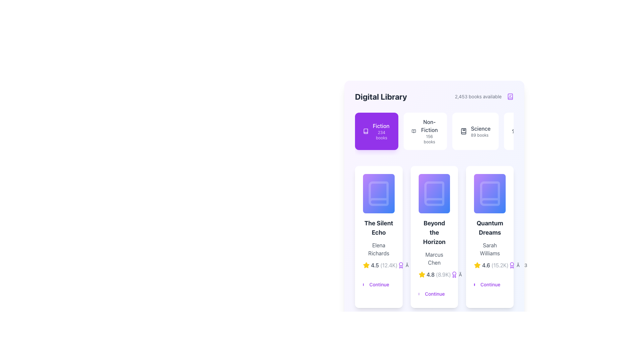 The width and height of the screenshot is (640, 360). I want to click on the bright yellow star icon used as a visual indicator of ratings or favorites located beside the numeric rating value '4.8' in the 'Beyond the Horizon' card, so click(421, 275).